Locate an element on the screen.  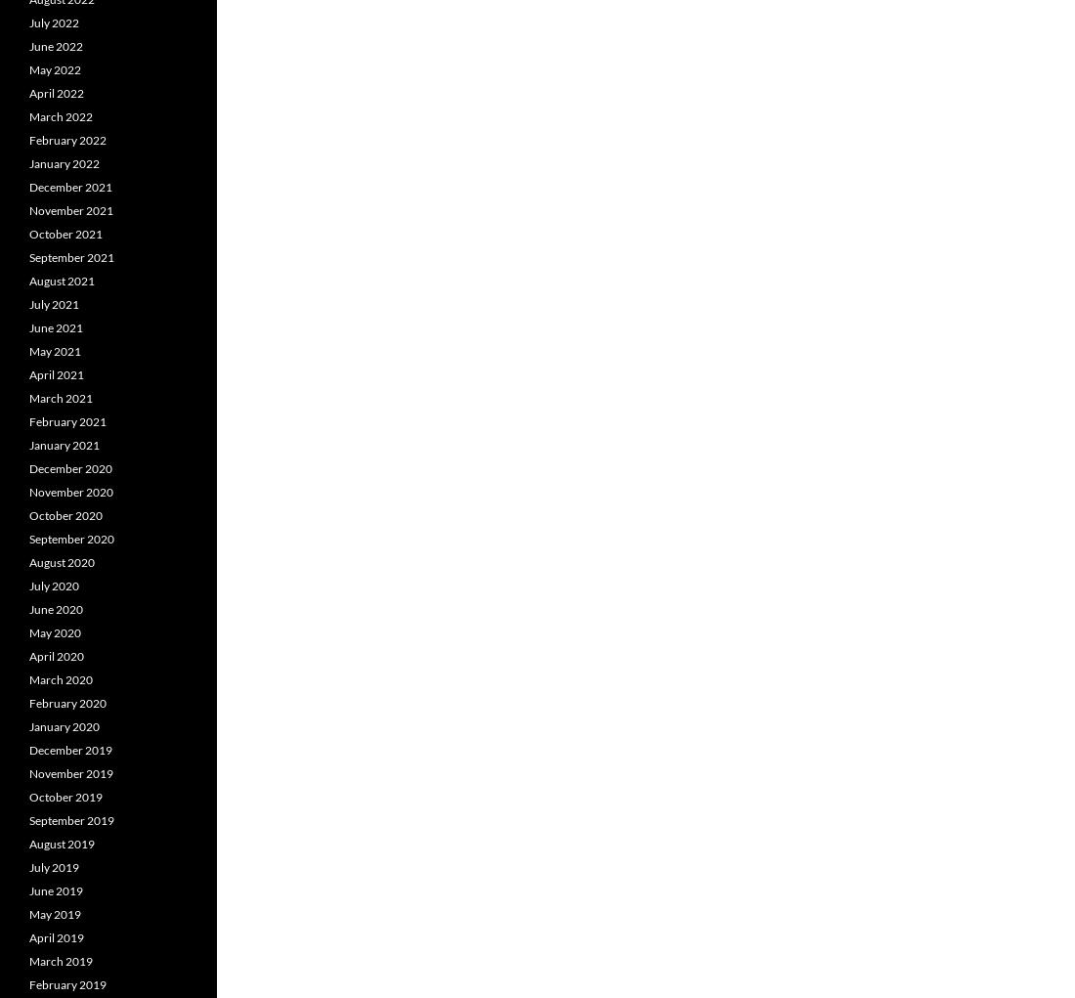
'May 2022' is located at coordinates (54, 69).